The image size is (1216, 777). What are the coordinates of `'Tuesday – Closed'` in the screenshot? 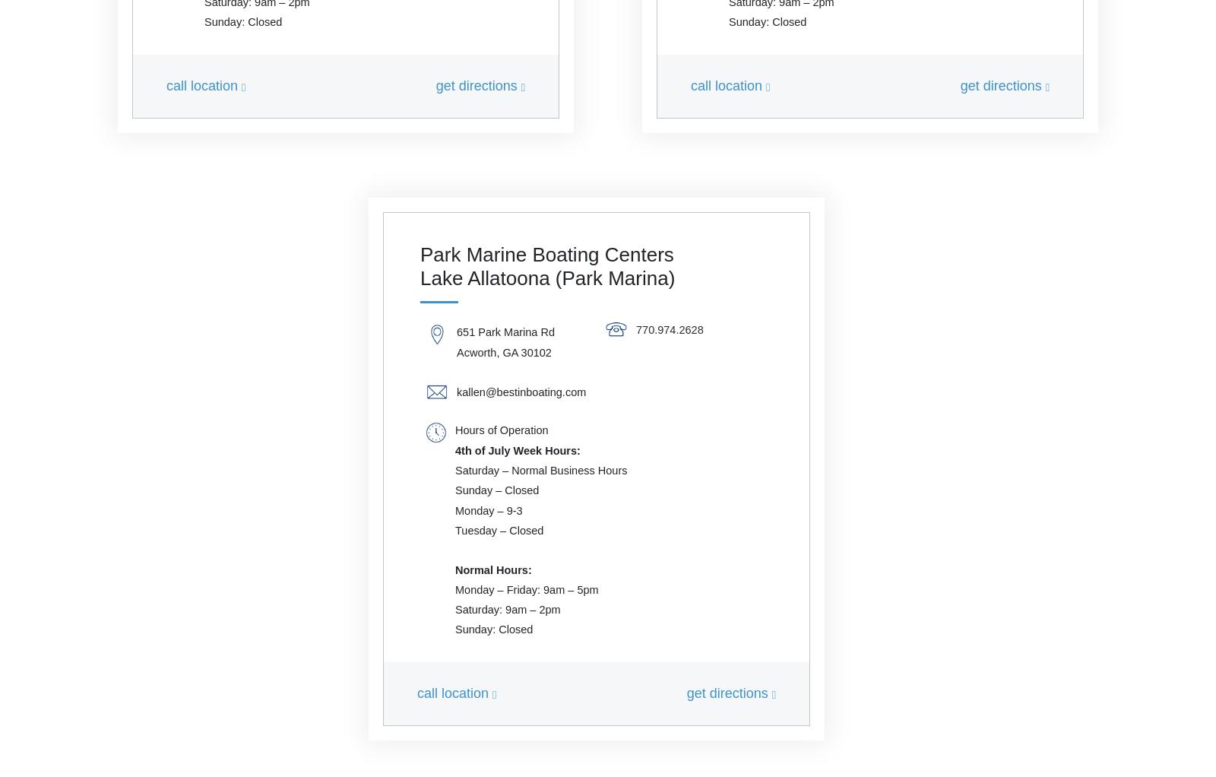 It's located at (499, 530).